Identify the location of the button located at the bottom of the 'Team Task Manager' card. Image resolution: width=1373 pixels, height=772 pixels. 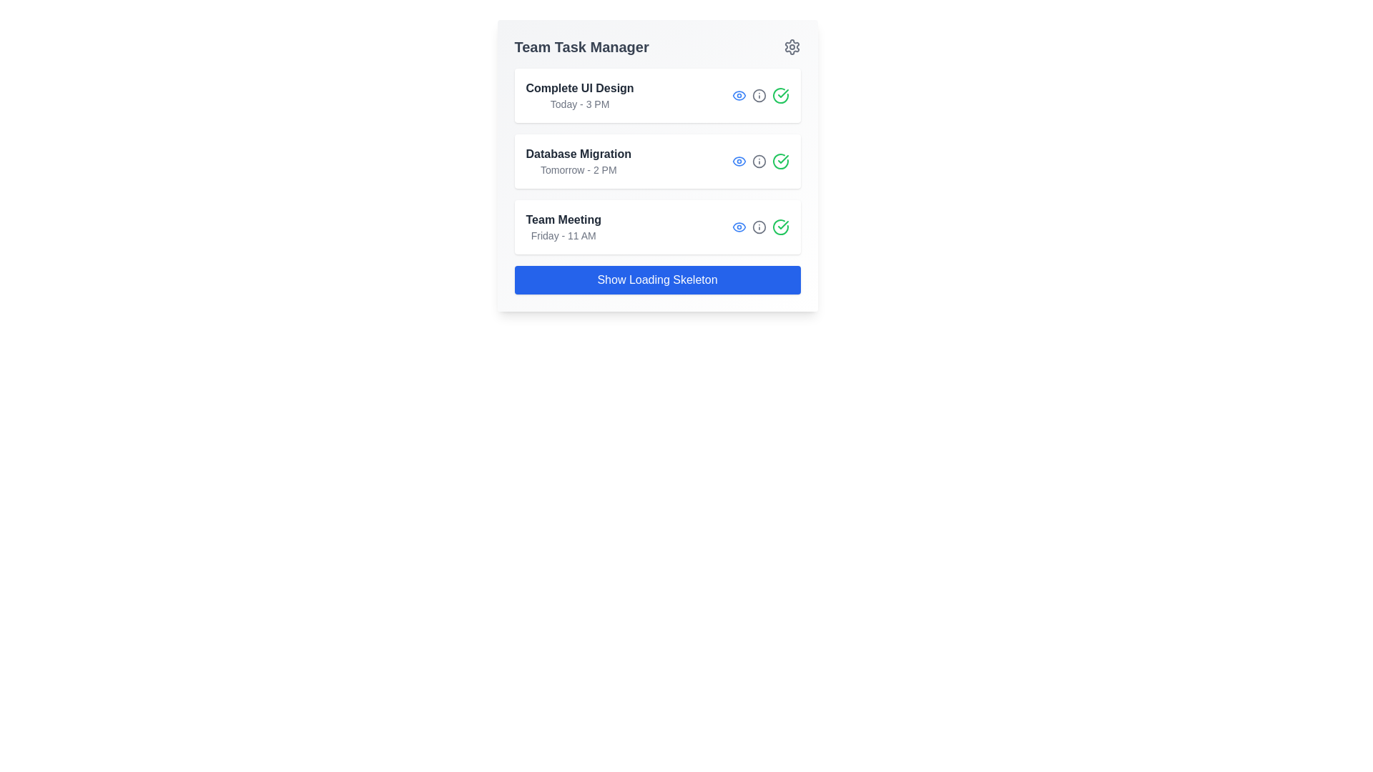
(656, 280).